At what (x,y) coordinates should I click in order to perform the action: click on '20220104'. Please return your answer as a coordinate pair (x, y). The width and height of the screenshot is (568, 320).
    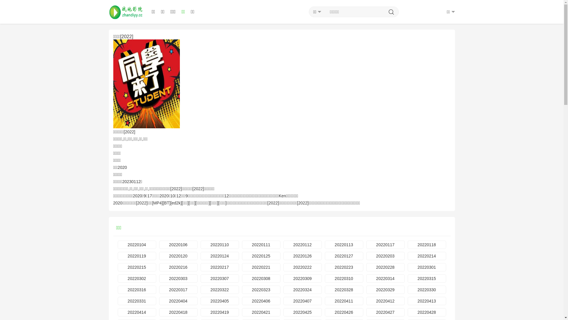
    Looking at the image, I should click on (136, 244).